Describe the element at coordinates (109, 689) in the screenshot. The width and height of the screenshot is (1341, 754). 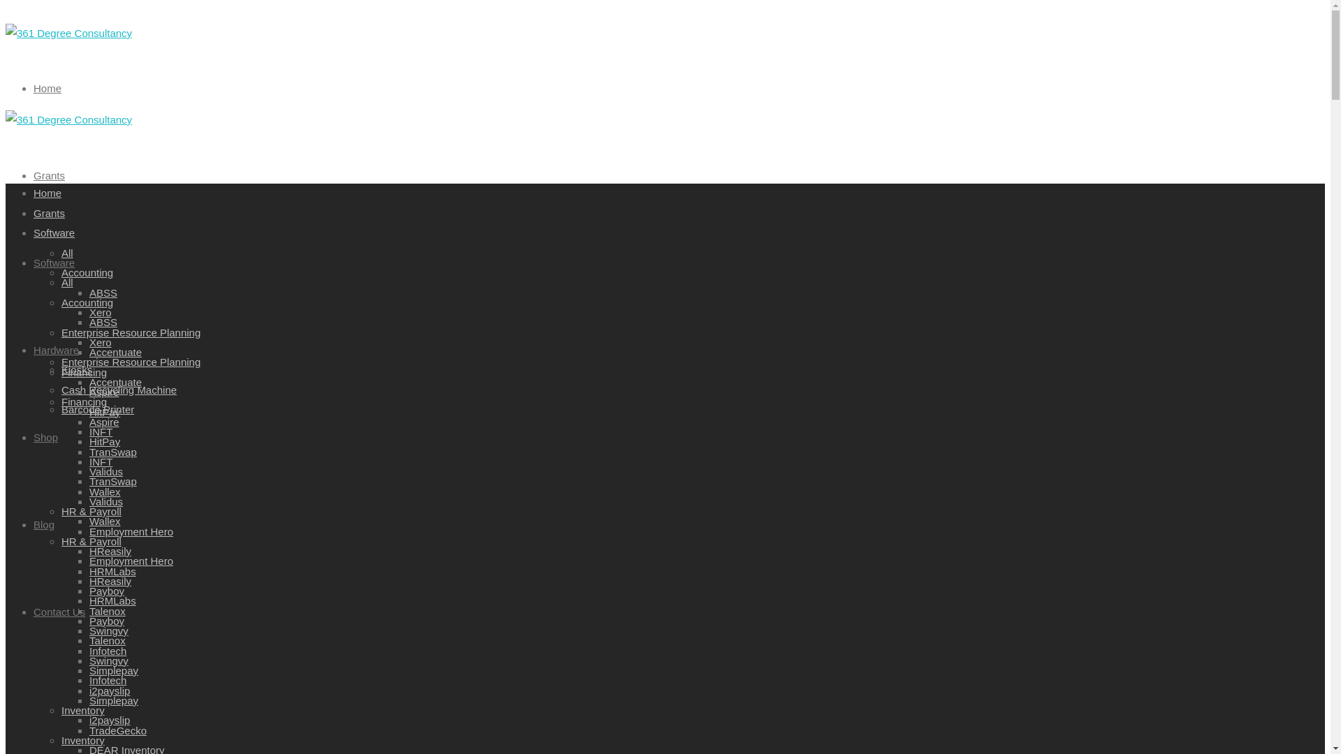
I see `'i2payslip'` at that location.